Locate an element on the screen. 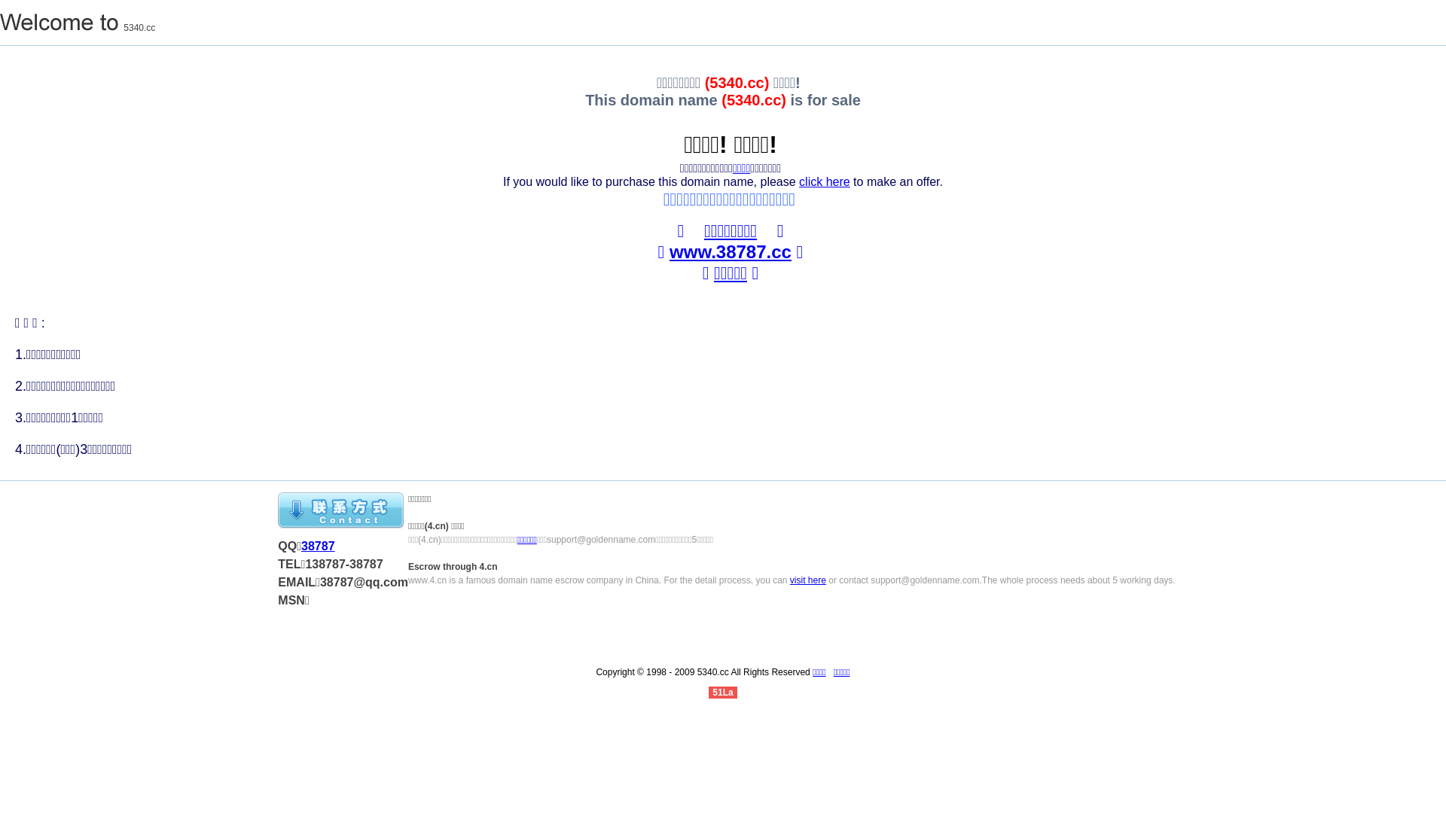  'www.38787.cc' is located at coordinates (730, 251).